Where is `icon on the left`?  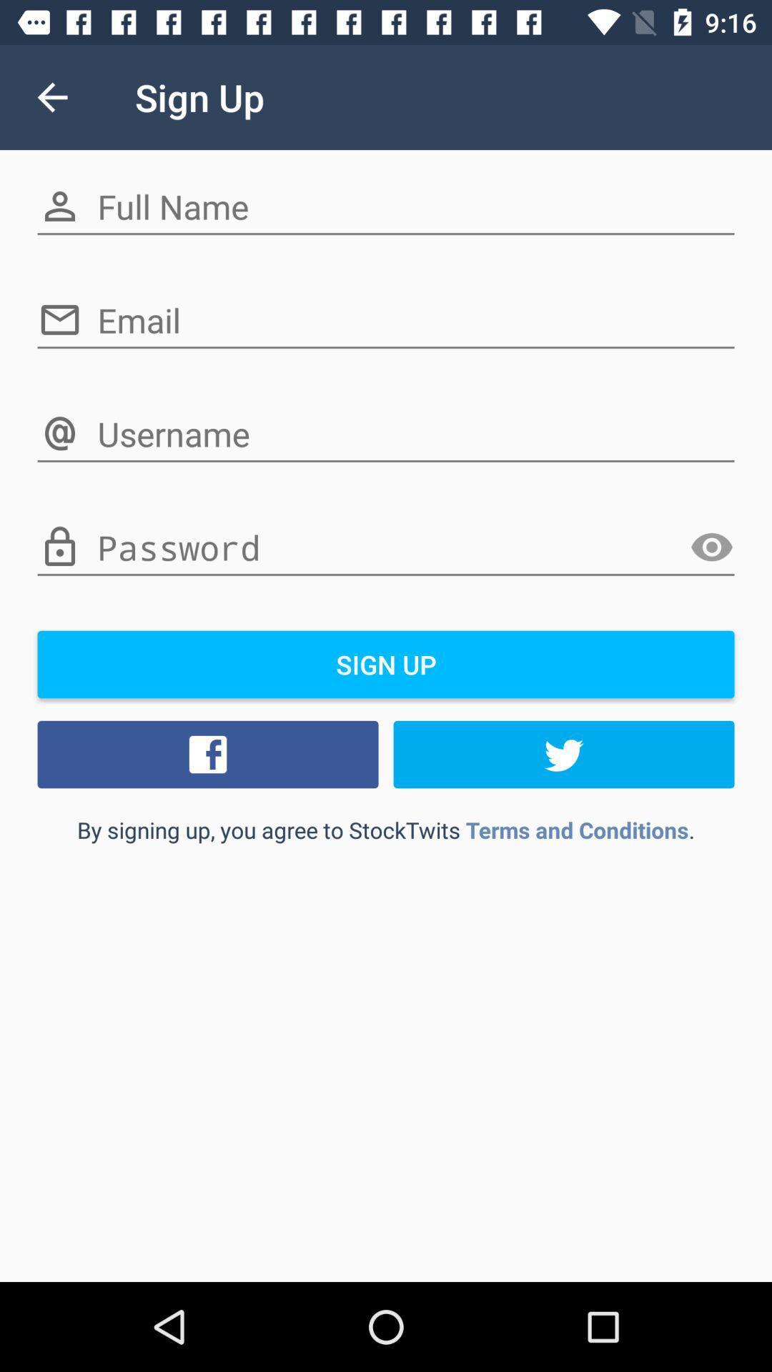
icon on the left is located at coordinates (207, 754).